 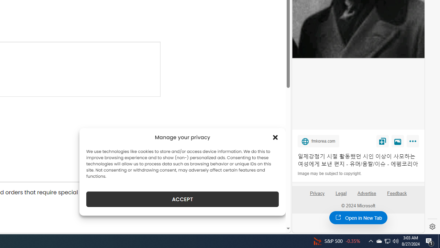 What do you see at coordinates (341, 193) in the screenshot?
I see `'Legal'` at bounding box center [341, 193].